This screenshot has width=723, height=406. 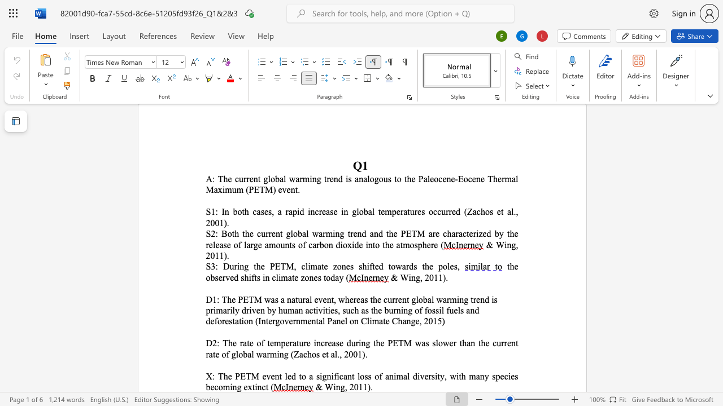 What do you see at coordinates (220, 376) in the screenshot?
I see `the 1th character "T" in the text` at bounding box center [220, 376].